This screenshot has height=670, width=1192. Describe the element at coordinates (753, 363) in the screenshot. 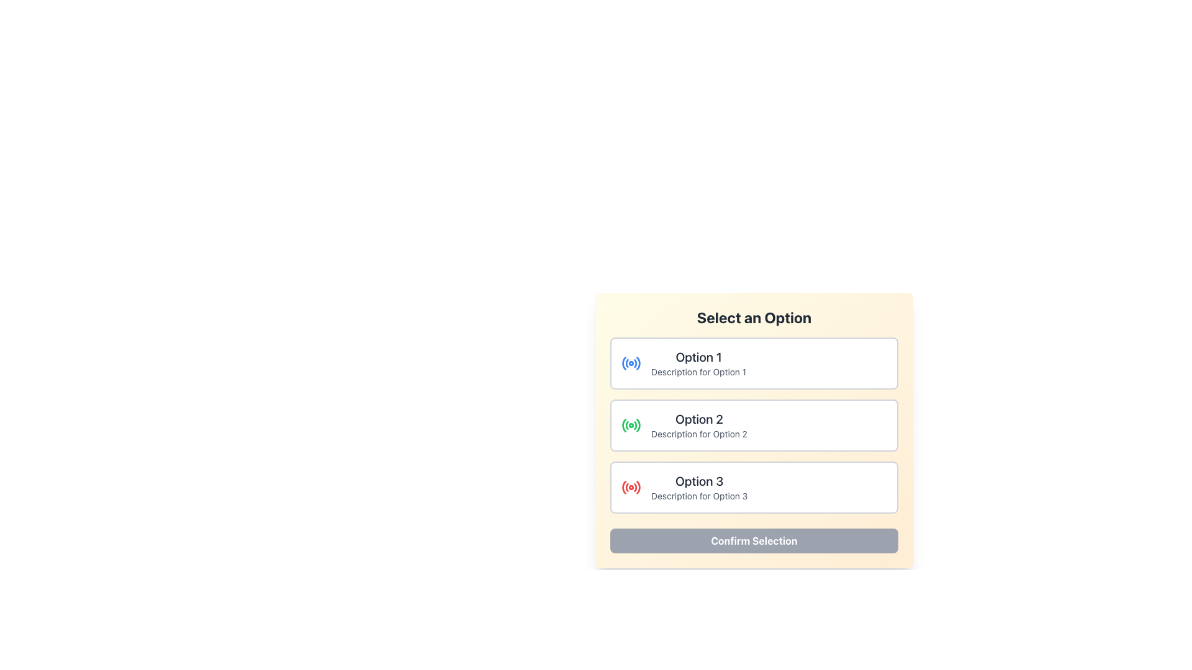

I see `the first selectable option labeled 'Option 1' in the list of choices under the title 'Select an Option'` at that location.